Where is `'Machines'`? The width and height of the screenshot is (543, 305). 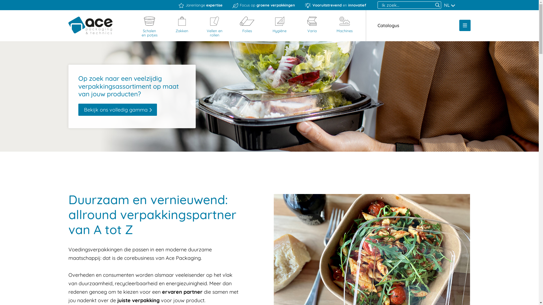
'Machines' is located at coordinates (344, 25).